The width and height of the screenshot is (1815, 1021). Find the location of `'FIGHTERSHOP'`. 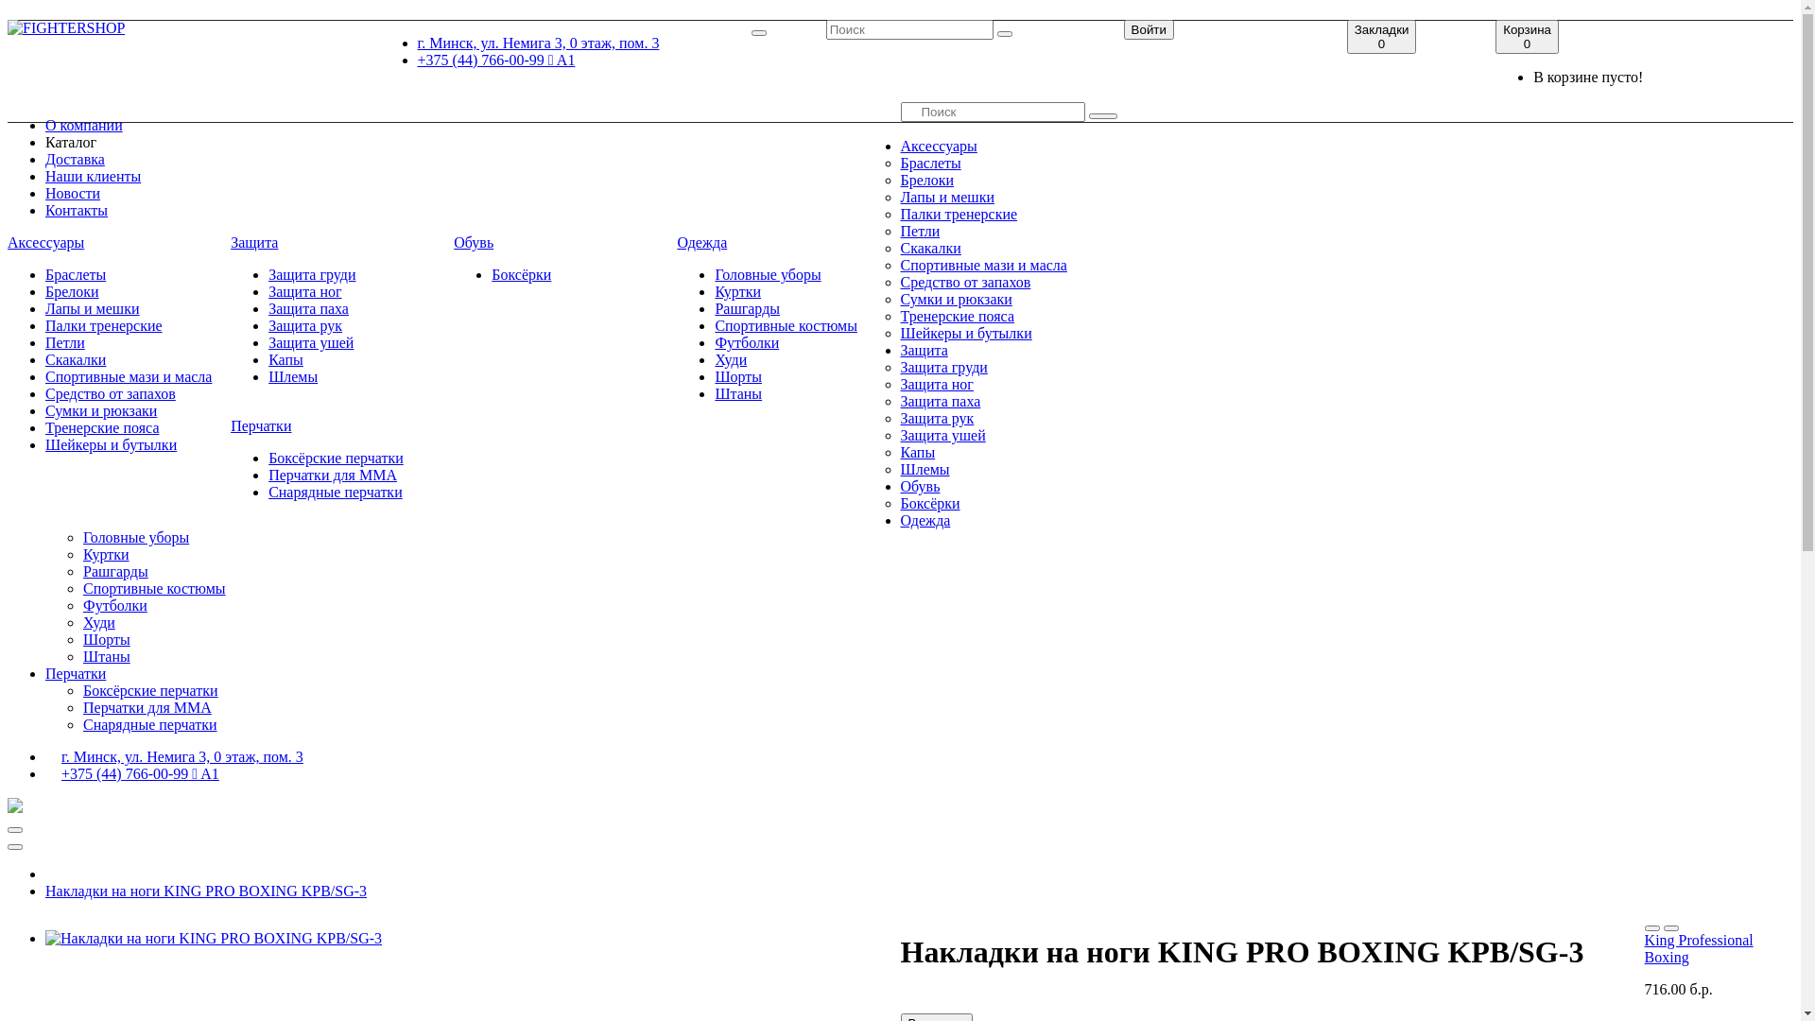

'FIGHTERSHOP' is located at coordinates (66, 28).